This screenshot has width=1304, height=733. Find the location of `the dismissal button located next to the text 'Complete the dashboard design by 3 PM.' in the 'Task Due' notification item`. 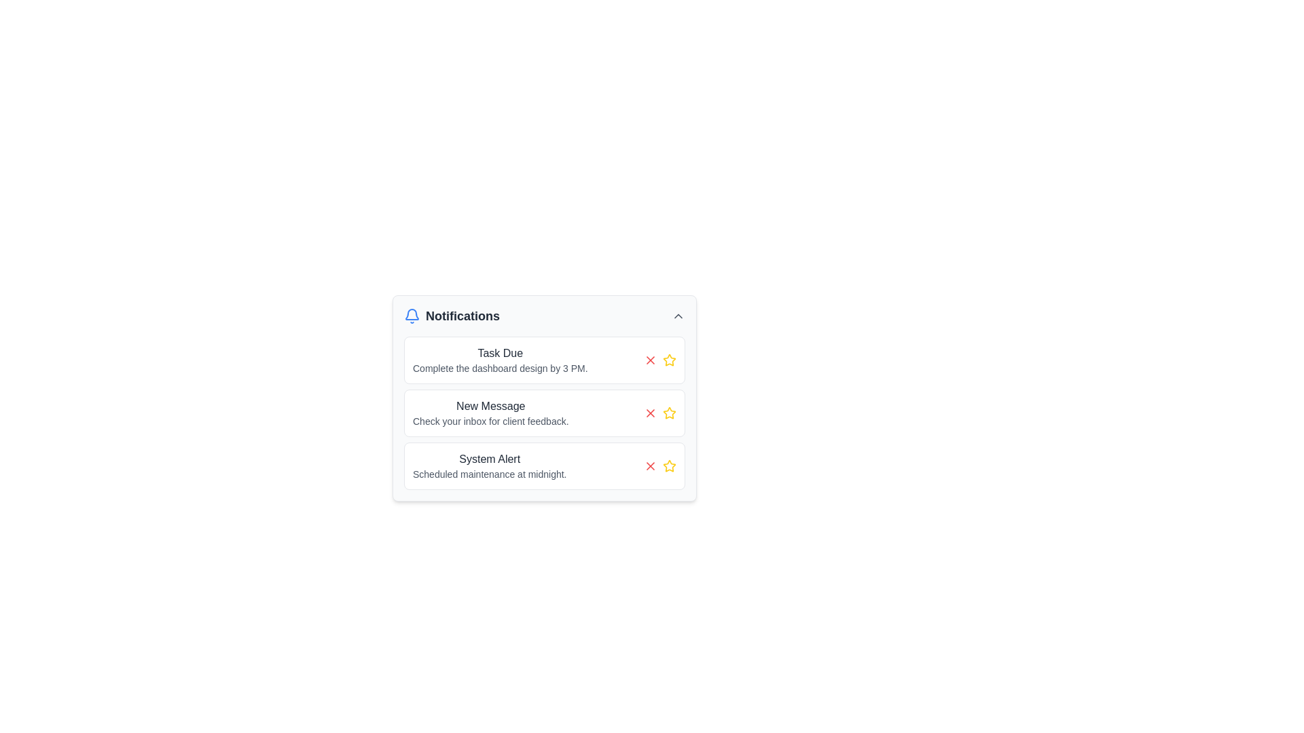

the dismissal button located next to the text 'Complete the dashboard design by 3 PM.' in the 'Task Due' notification item is located at coordinates (650, 360).